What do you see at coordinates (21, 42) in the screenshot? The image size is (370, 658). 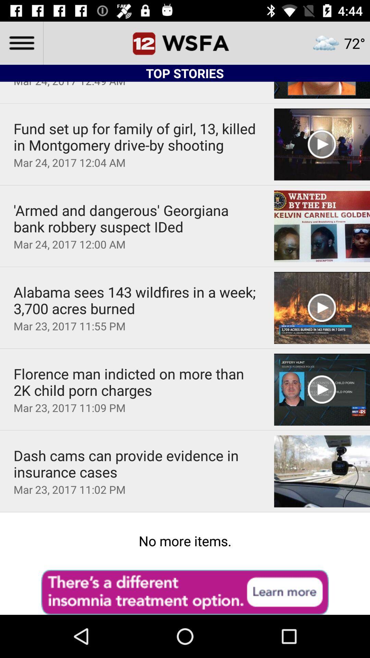 I see `the menu icon` at bounding box center [21, 42].